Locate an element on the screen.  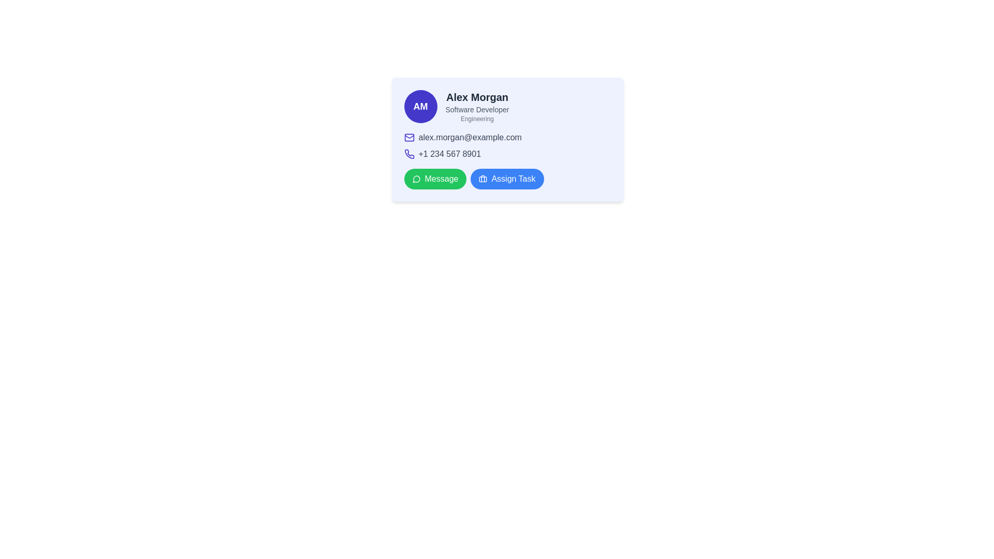
information displayed in the text component that shows 'Alex Morgan' as the title, 'Software Developer' as the subtitle, and 'Engineering' as the caption, all aligned to the left is located at coordinates (476, 106).